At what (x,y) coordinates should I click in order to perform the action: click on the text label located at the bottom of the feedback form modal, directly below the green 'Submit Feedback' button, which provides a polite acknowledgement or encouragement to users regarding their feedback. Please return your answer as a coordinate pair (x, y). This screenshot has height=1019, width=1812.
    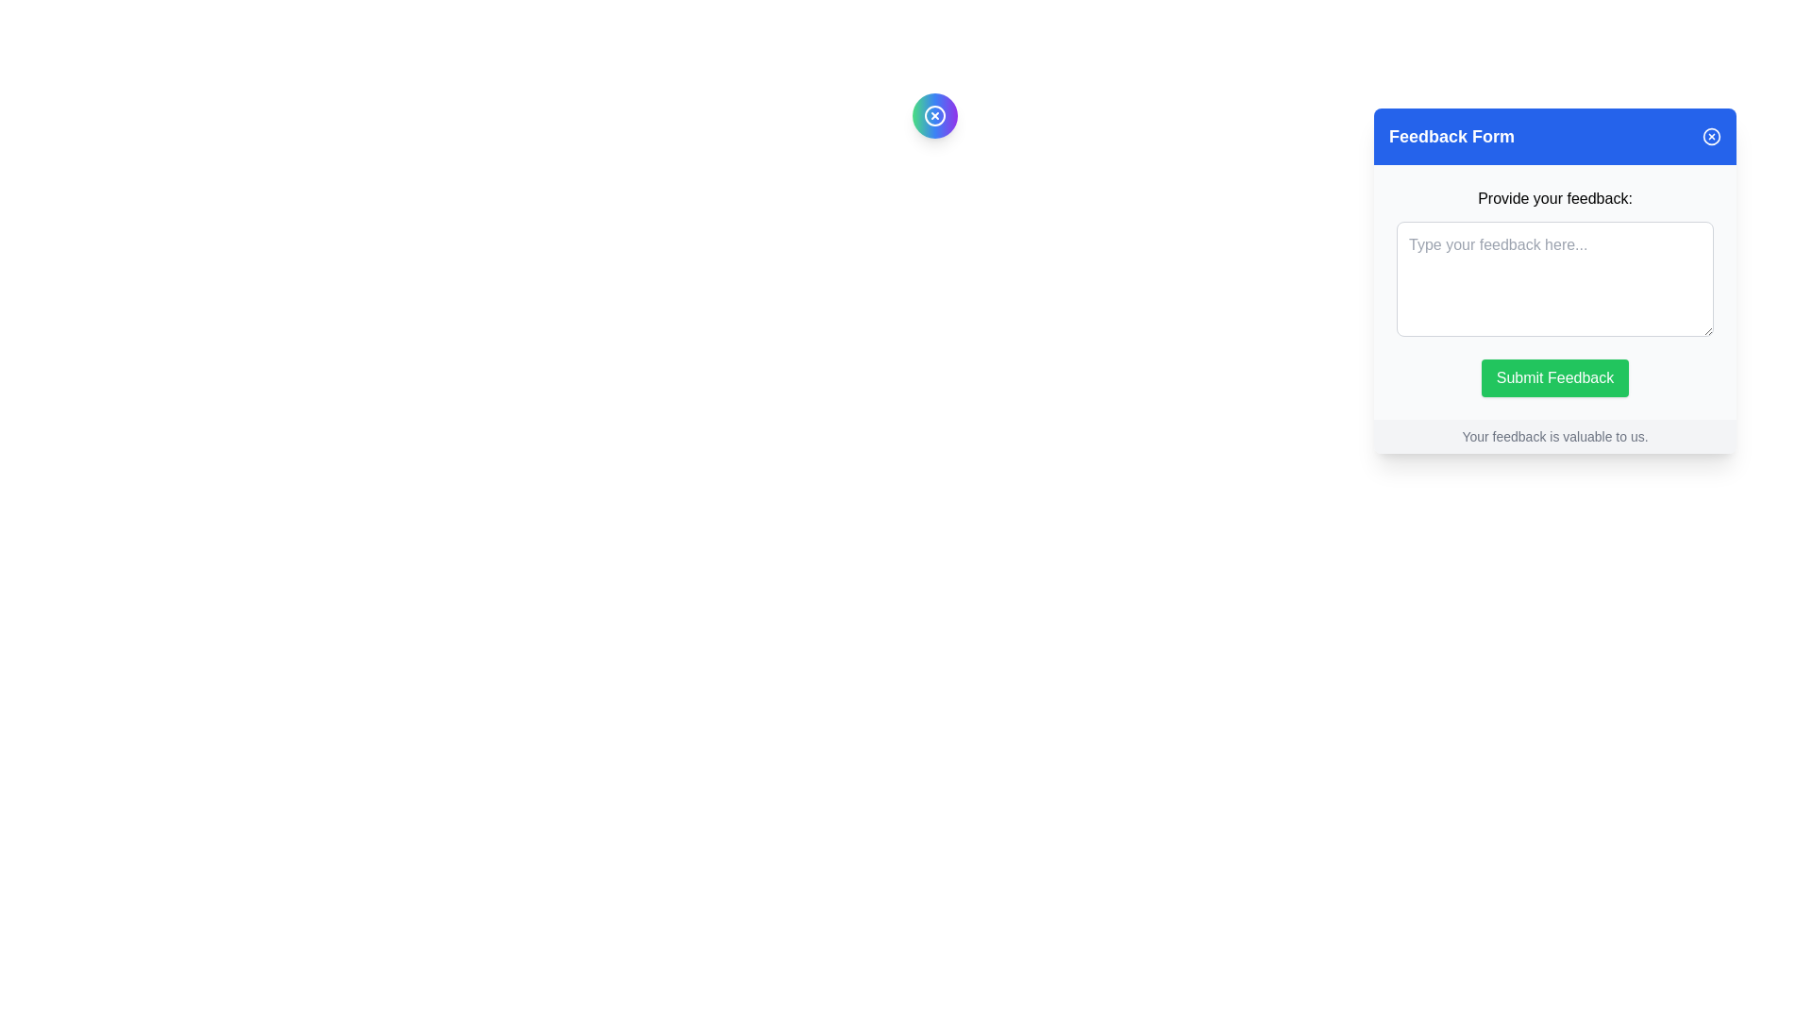
    Looking at the image, I should click on (1554, 436).